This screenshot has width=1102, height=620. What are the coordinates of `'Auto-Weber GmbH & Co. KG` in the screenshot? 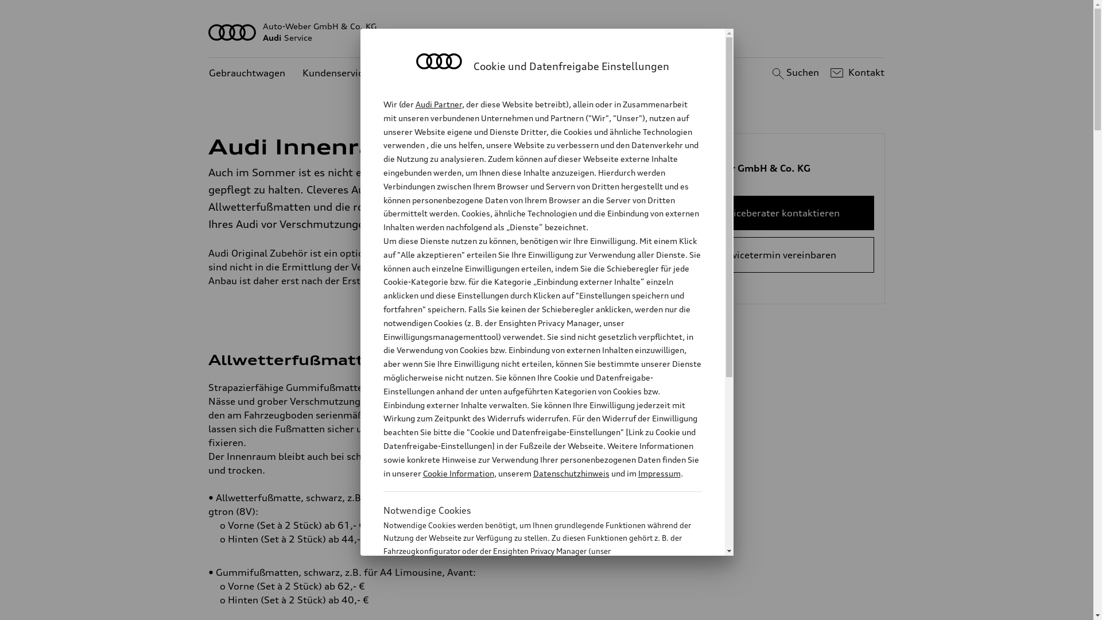 It's located at (546, 32).